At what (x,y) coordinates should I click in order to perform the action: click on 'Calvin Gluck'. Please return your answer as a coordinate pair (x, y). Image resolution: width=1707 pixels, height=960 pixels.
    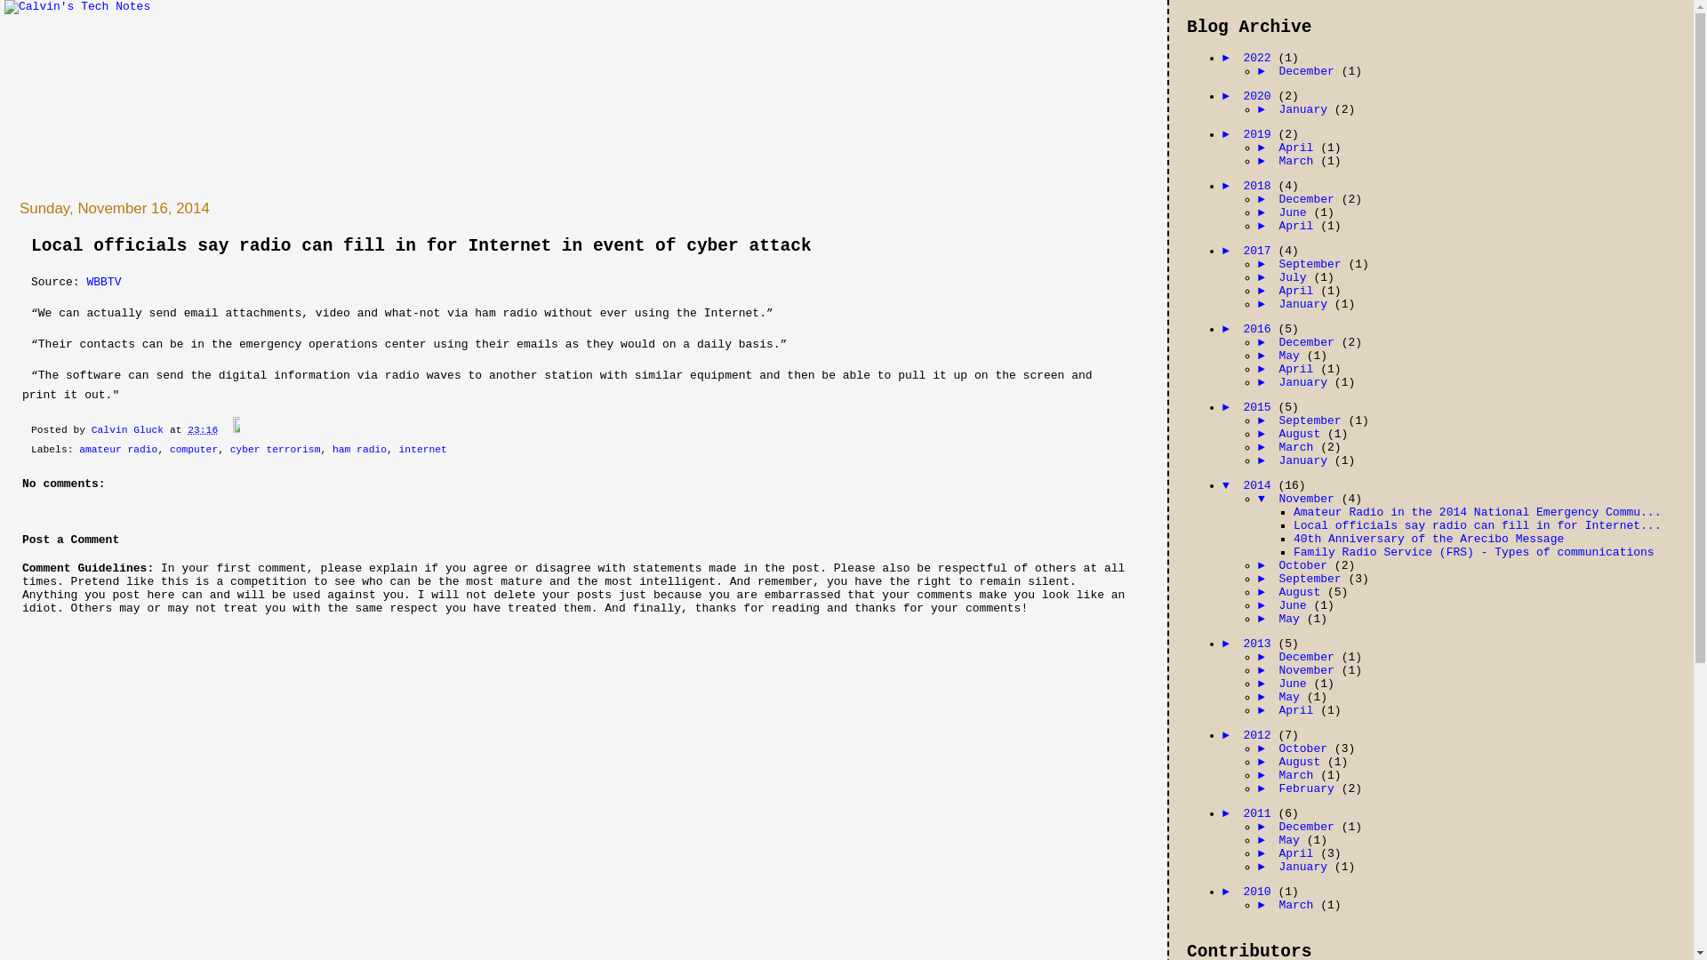
    Looking at the image, I should click on (130, 429).